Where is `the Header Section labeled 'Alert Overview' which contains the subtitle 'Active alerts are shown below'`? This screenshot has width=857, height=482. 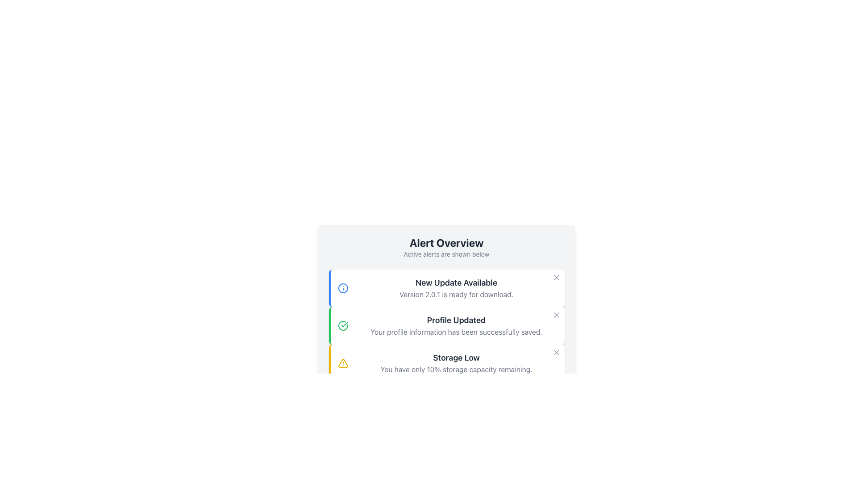 the Header Section labeled 'Alert Overview' which contains the subtitle 'Active alerts are shown below' is located at coordinates (446, 247).